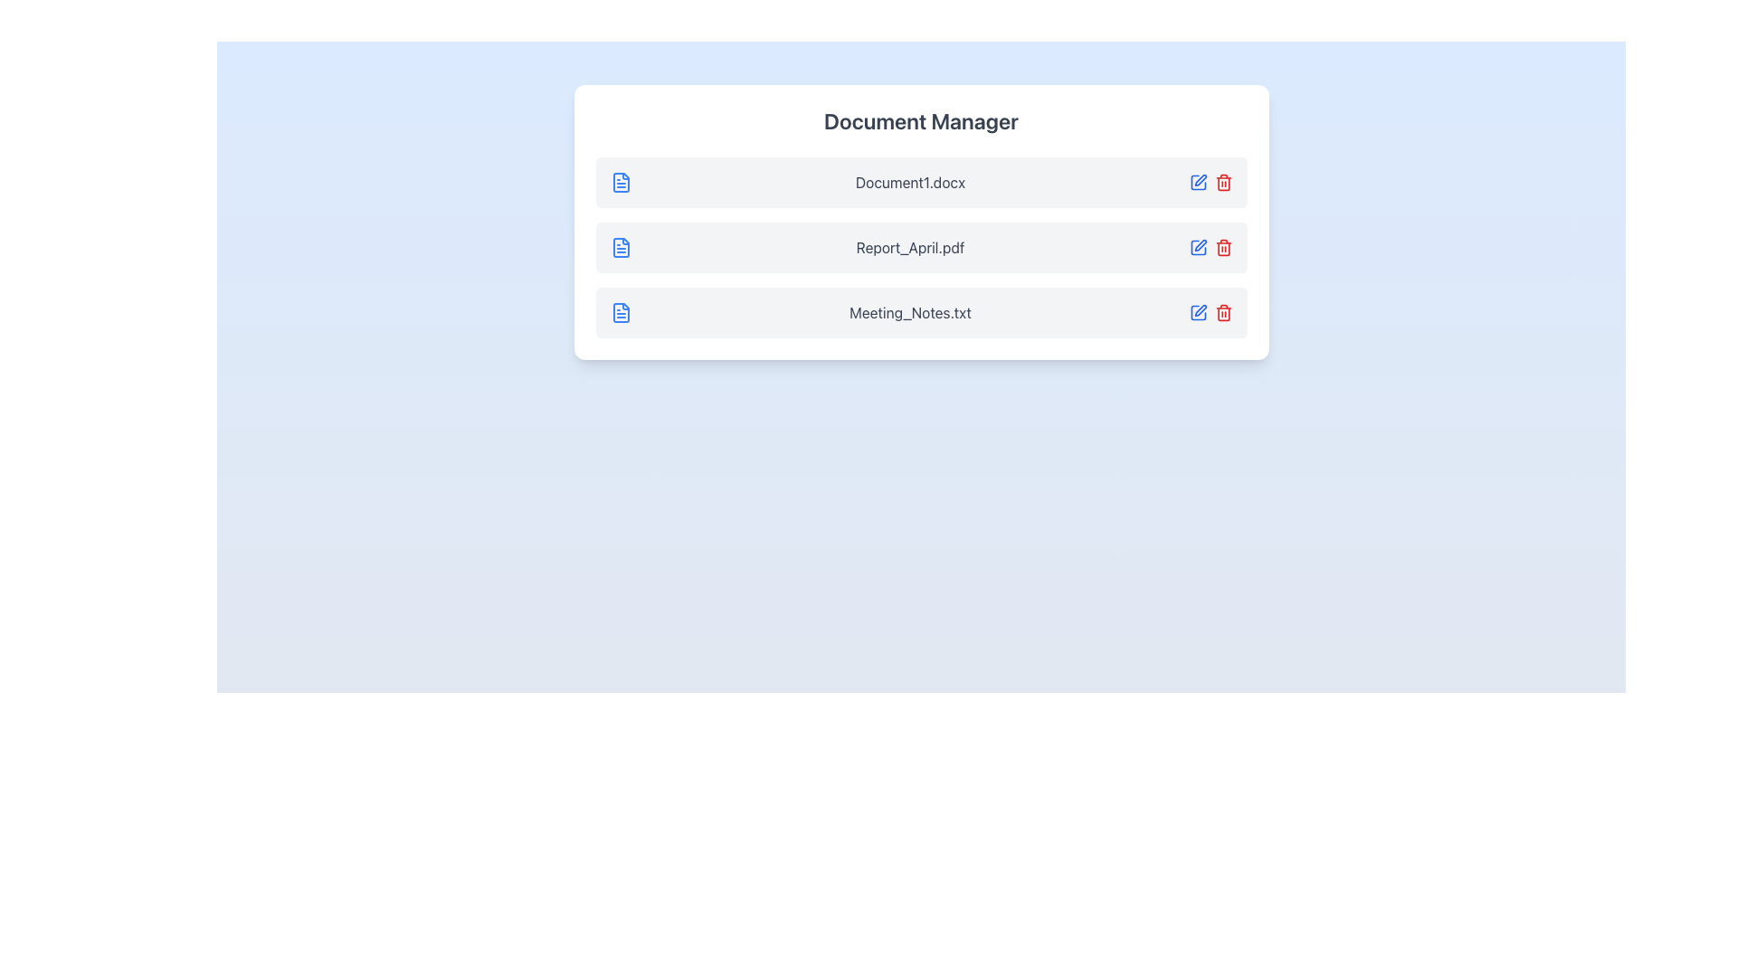 The image size is (1737, 977). Describe the element at coordinates (1223, 247) in the screenshot. I see `the trash icon button, which is a red-colored design associated with delete actions, located in the middle row of a list after the blue edit pen icon` at that location.